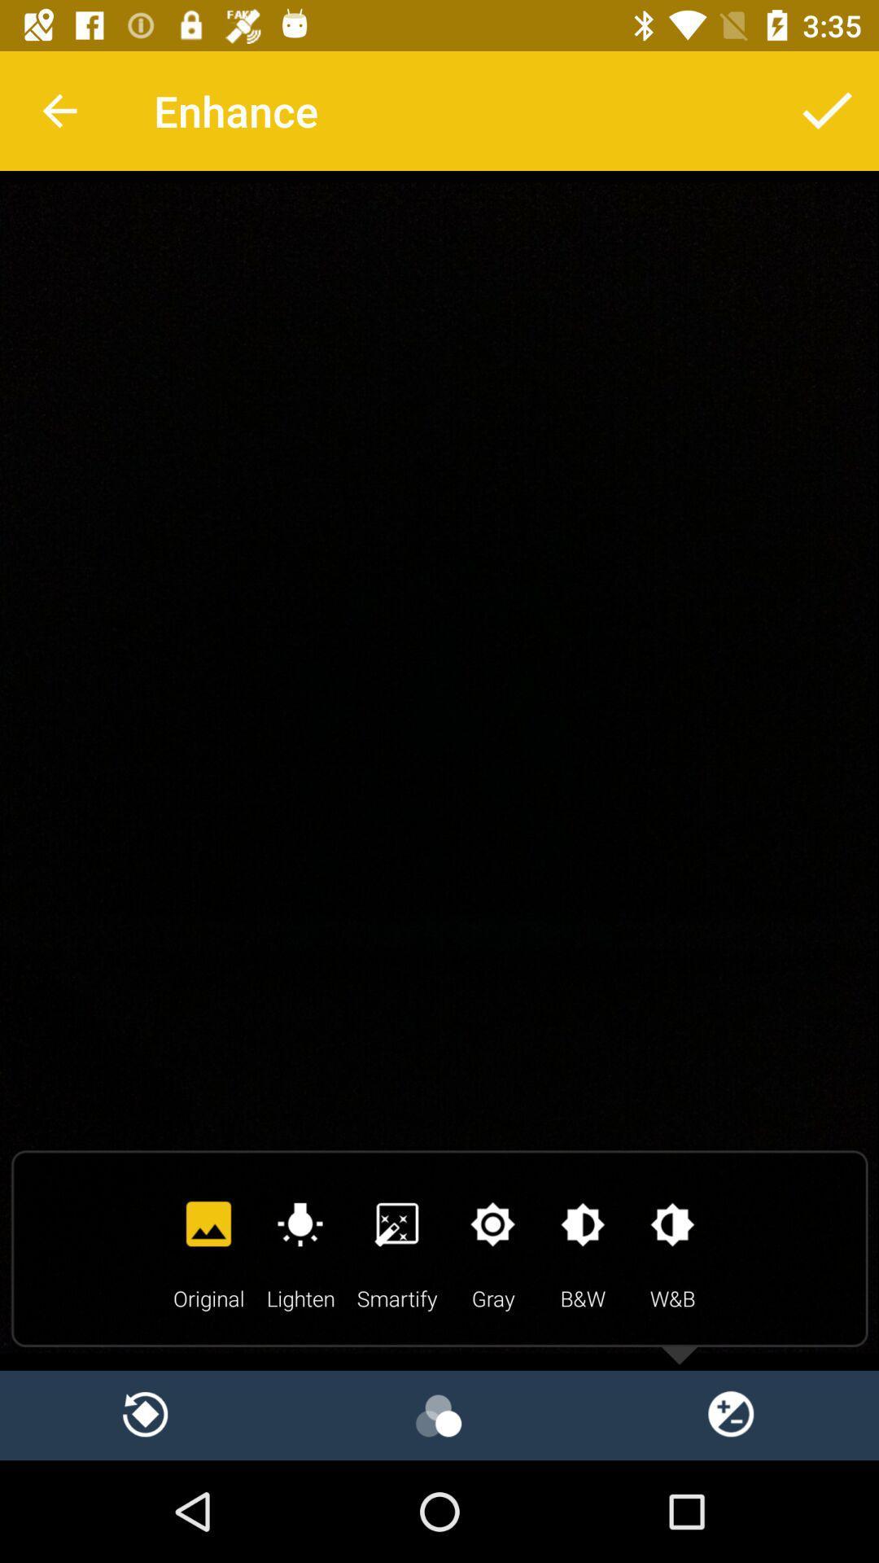 The width and height of the screenshot is (879, 1563). I want to click on blink option, so click(439, 1414).